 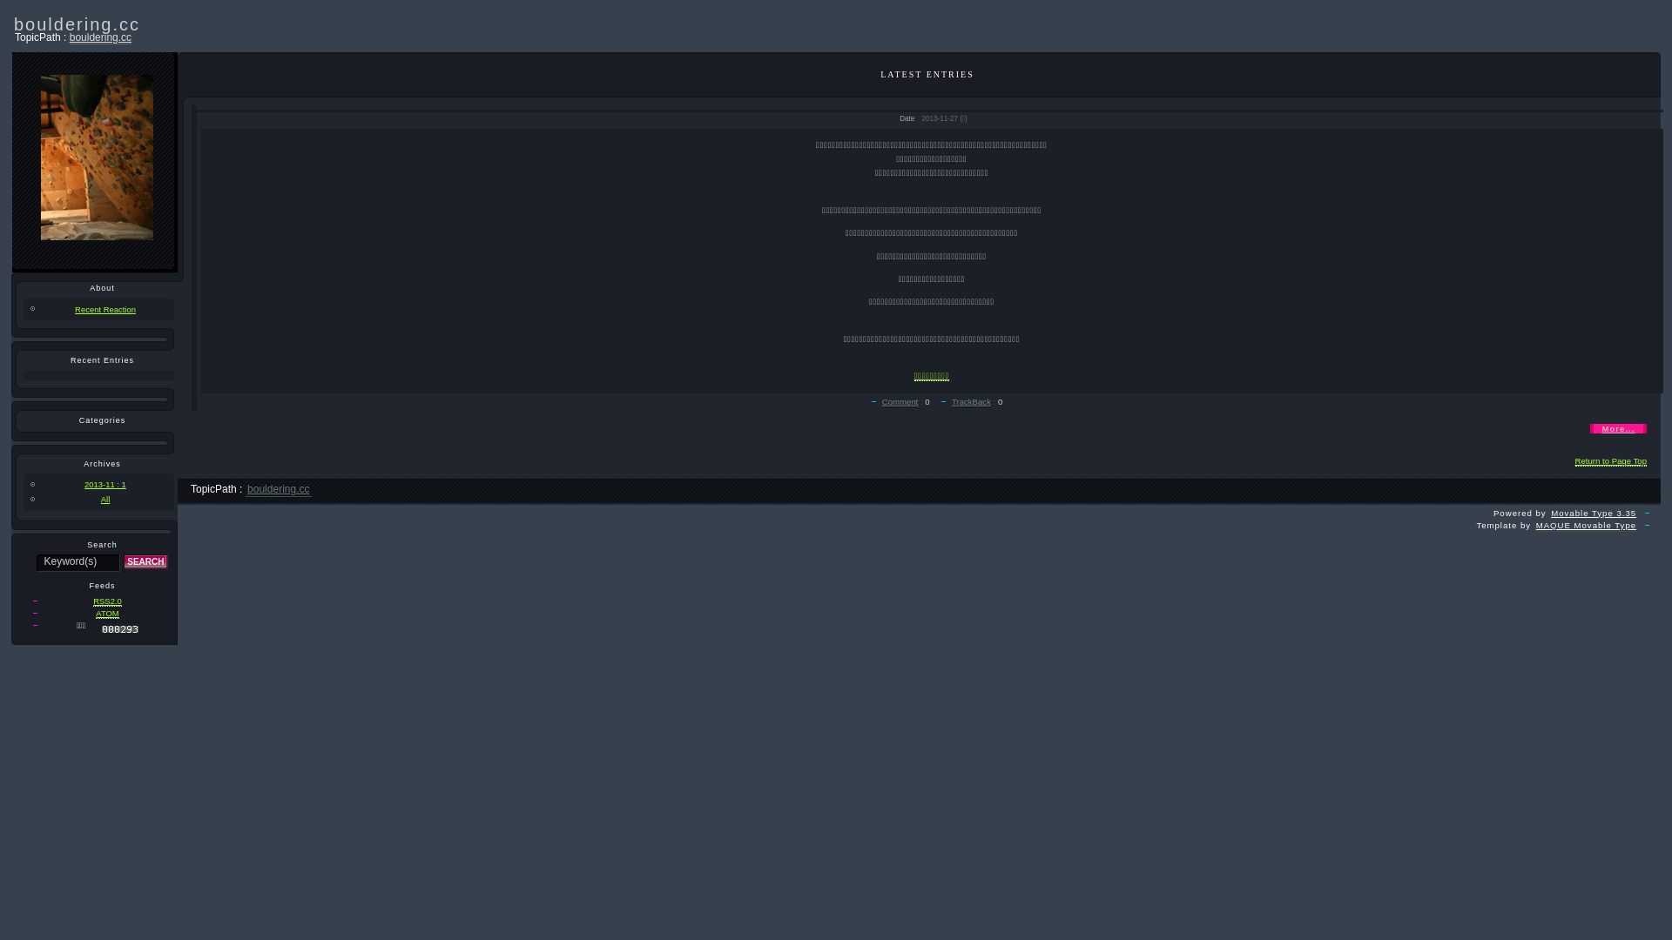 I want to click on 'Recent Reaction', so click(x=98, y=307).